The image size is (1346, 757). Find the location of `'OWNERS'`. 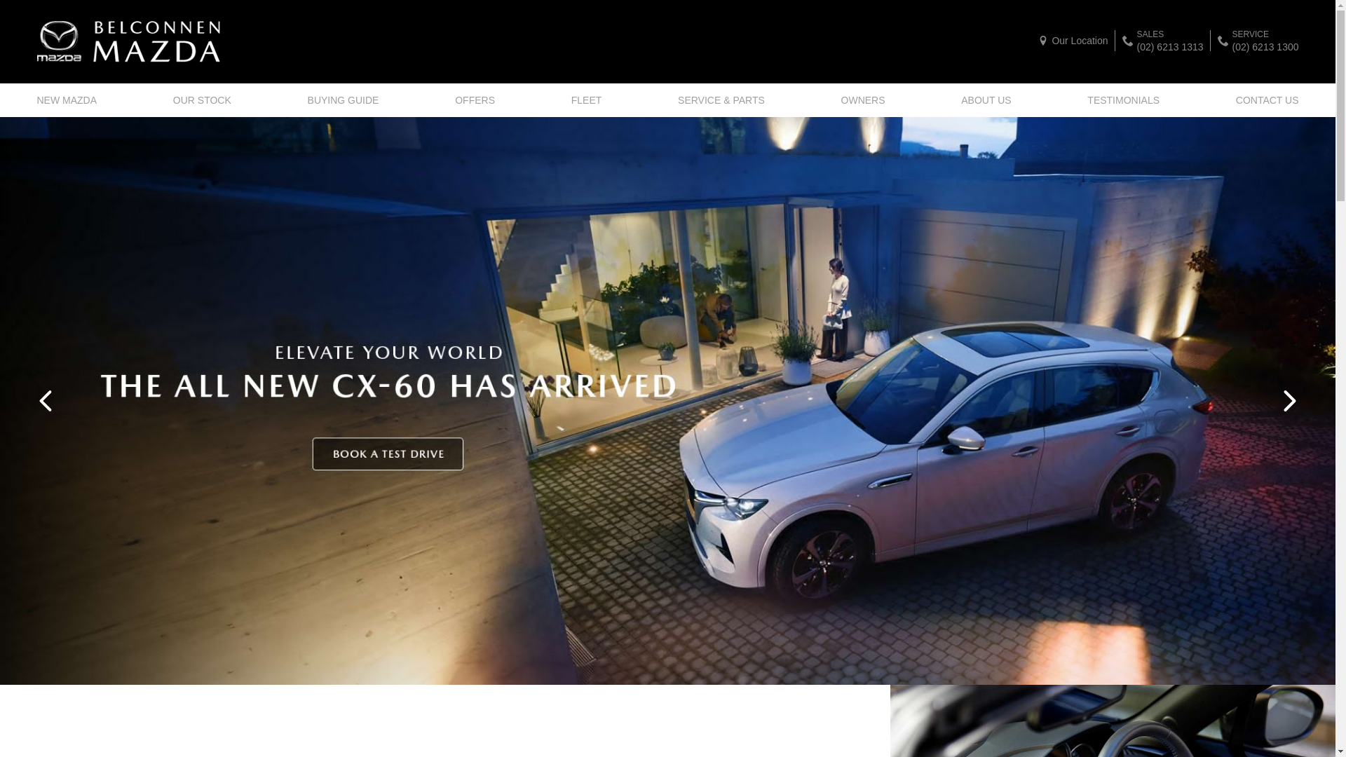

'OWNERS' is located at coordinates (862, 99).